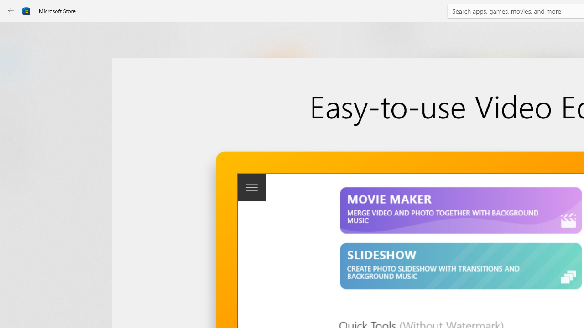  I want to click on 'Gaming', so click(16, 92).